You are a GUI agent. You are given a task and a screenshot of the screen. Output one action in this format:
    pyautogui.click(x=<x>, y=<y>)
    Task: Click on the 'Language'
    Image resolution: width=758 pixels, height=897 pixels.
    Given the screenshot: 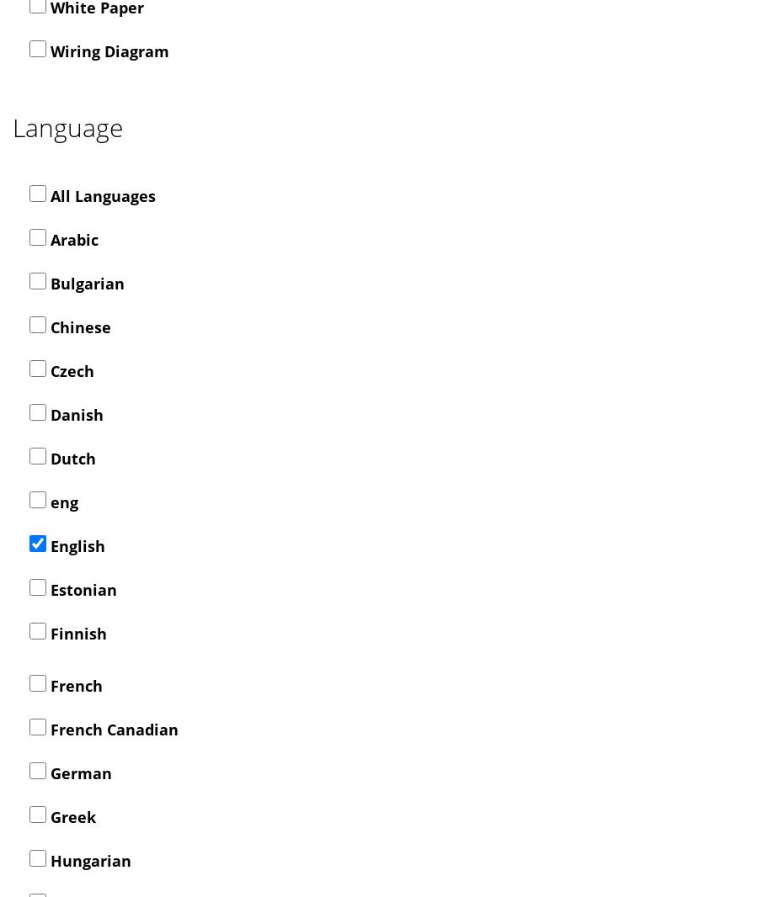 What is the action you would take?
    pyautogui.click(x=67, y=125)
    